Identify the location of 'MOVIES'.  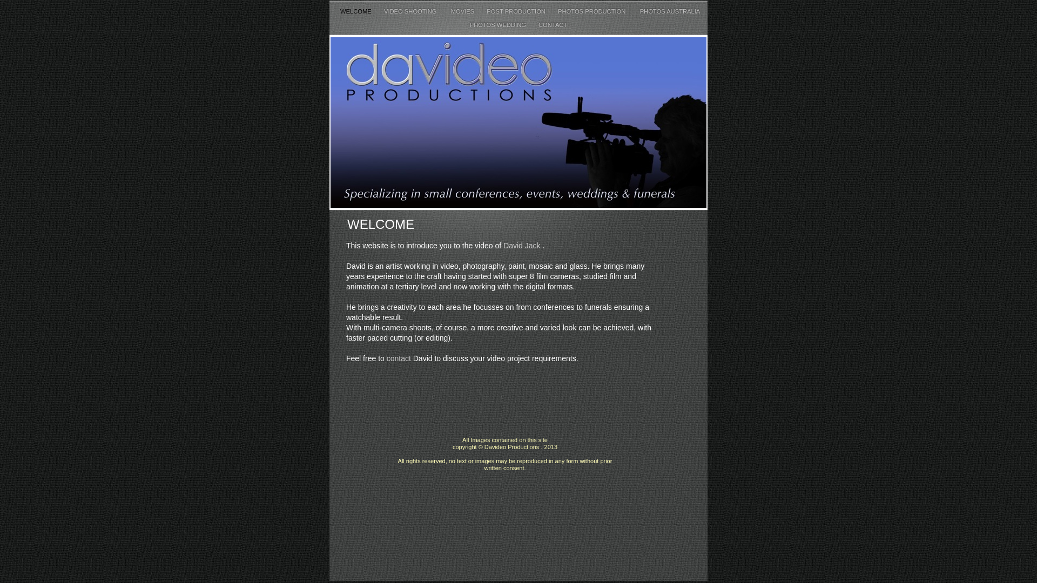
(463, 11).